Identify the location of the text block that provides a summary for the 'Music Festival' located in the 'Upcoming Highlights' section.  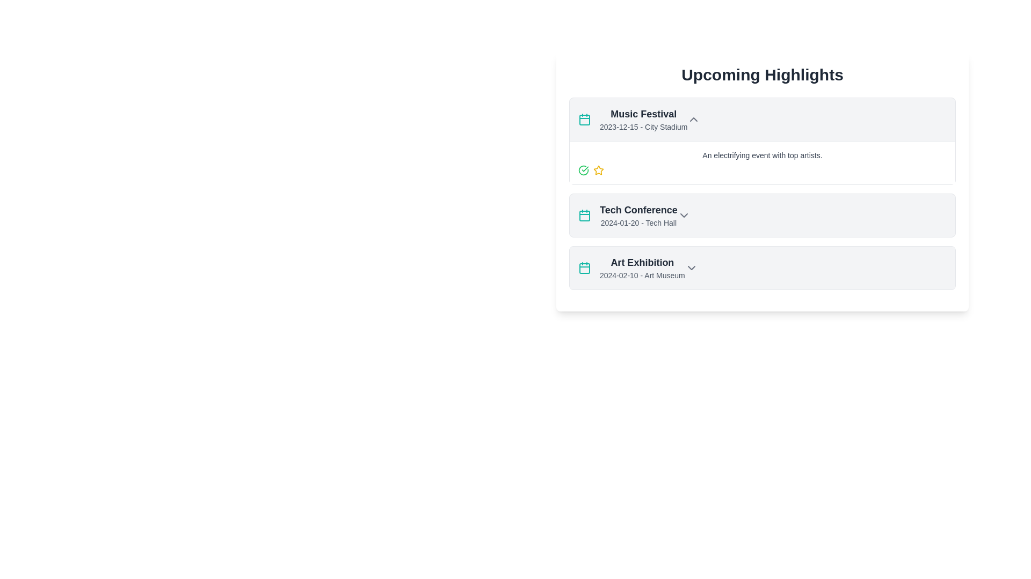
(762, 162).